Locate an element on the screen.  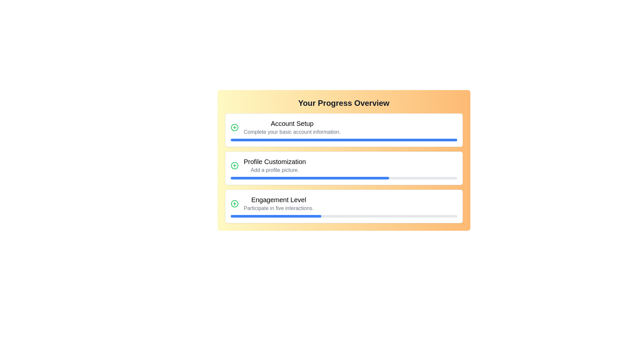
textual information from the 'Profile Customization' text block, which includes the header 'Profile Customization' and the subtext 'Add a profile picture.' is located at coordinates (275, 165).